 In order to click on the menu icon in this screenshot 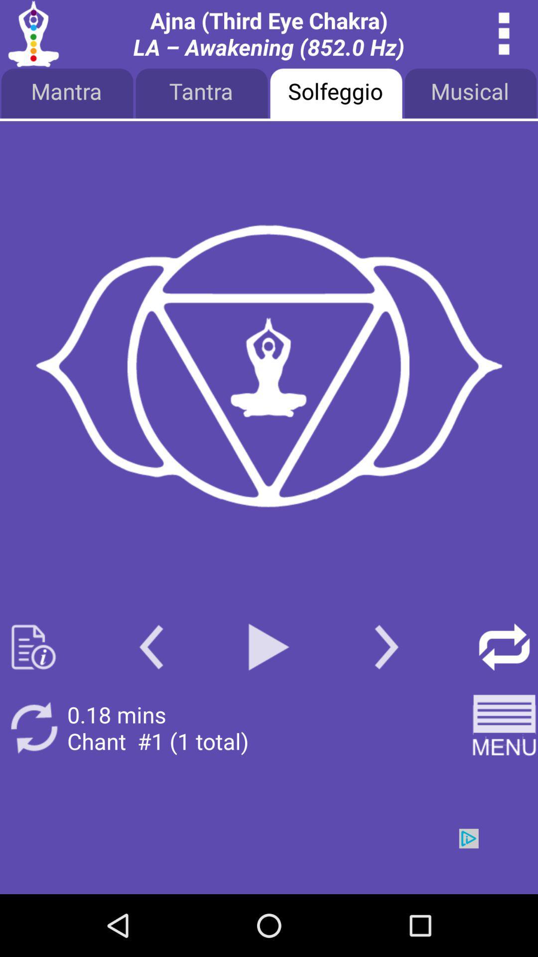, I will do `click(504, 778)`.